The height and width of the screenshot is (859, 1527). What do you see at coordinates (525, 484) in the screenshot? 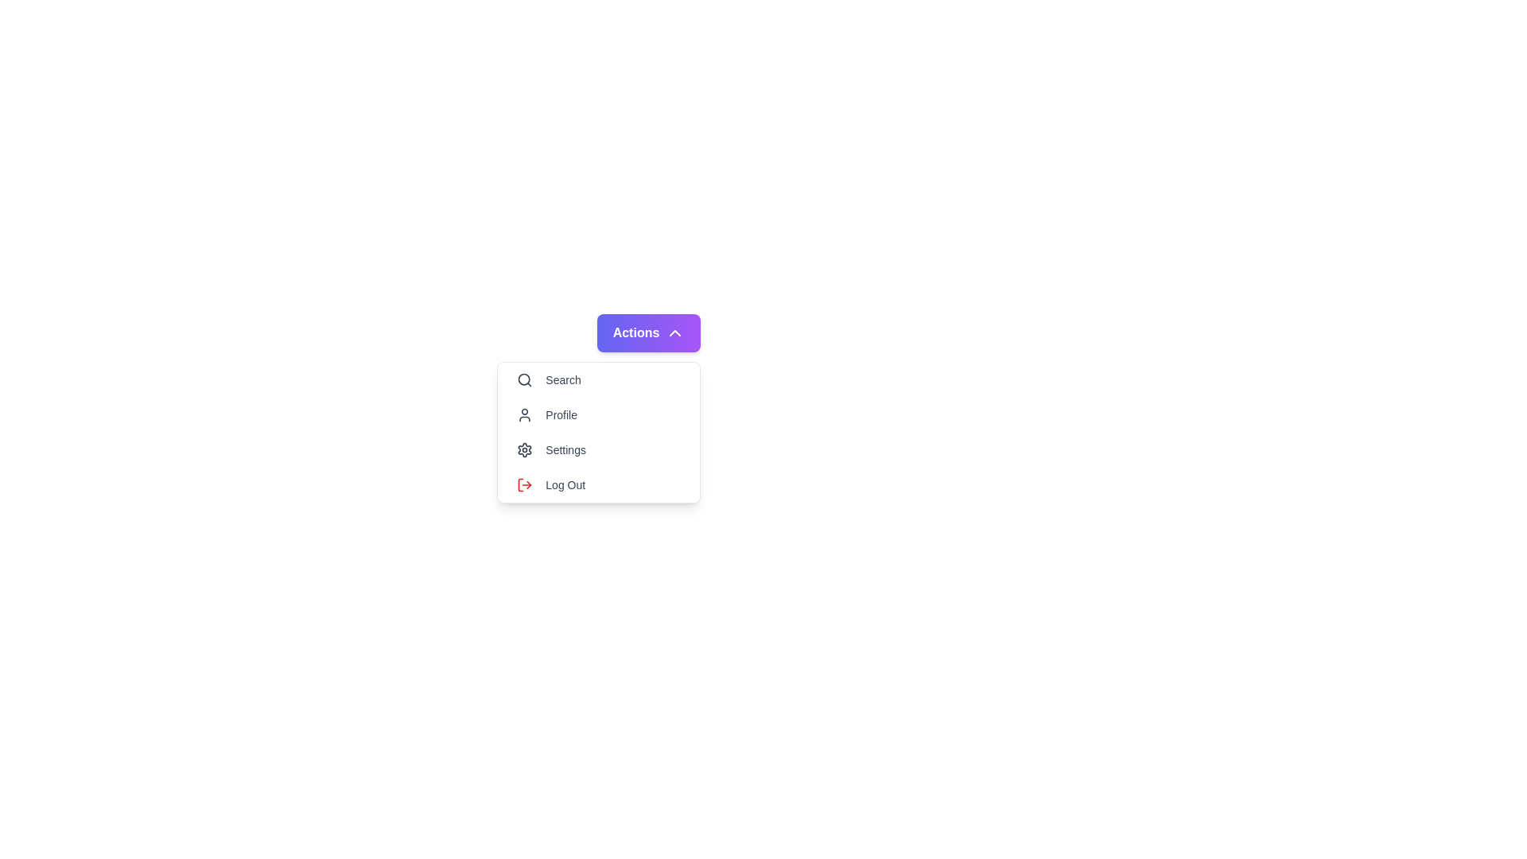
I see `the logout icon located at the top-left corner of the 'Log Out' button in the vertical menu list` at bounding box center [525, 484].